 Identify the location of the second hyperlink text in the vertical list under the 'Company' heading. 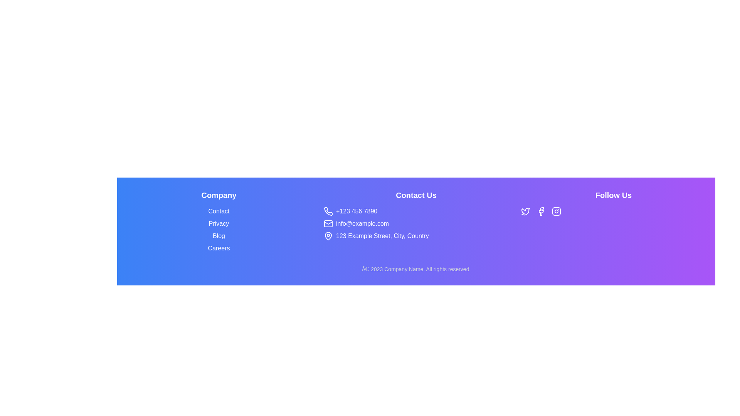
(218, 224).